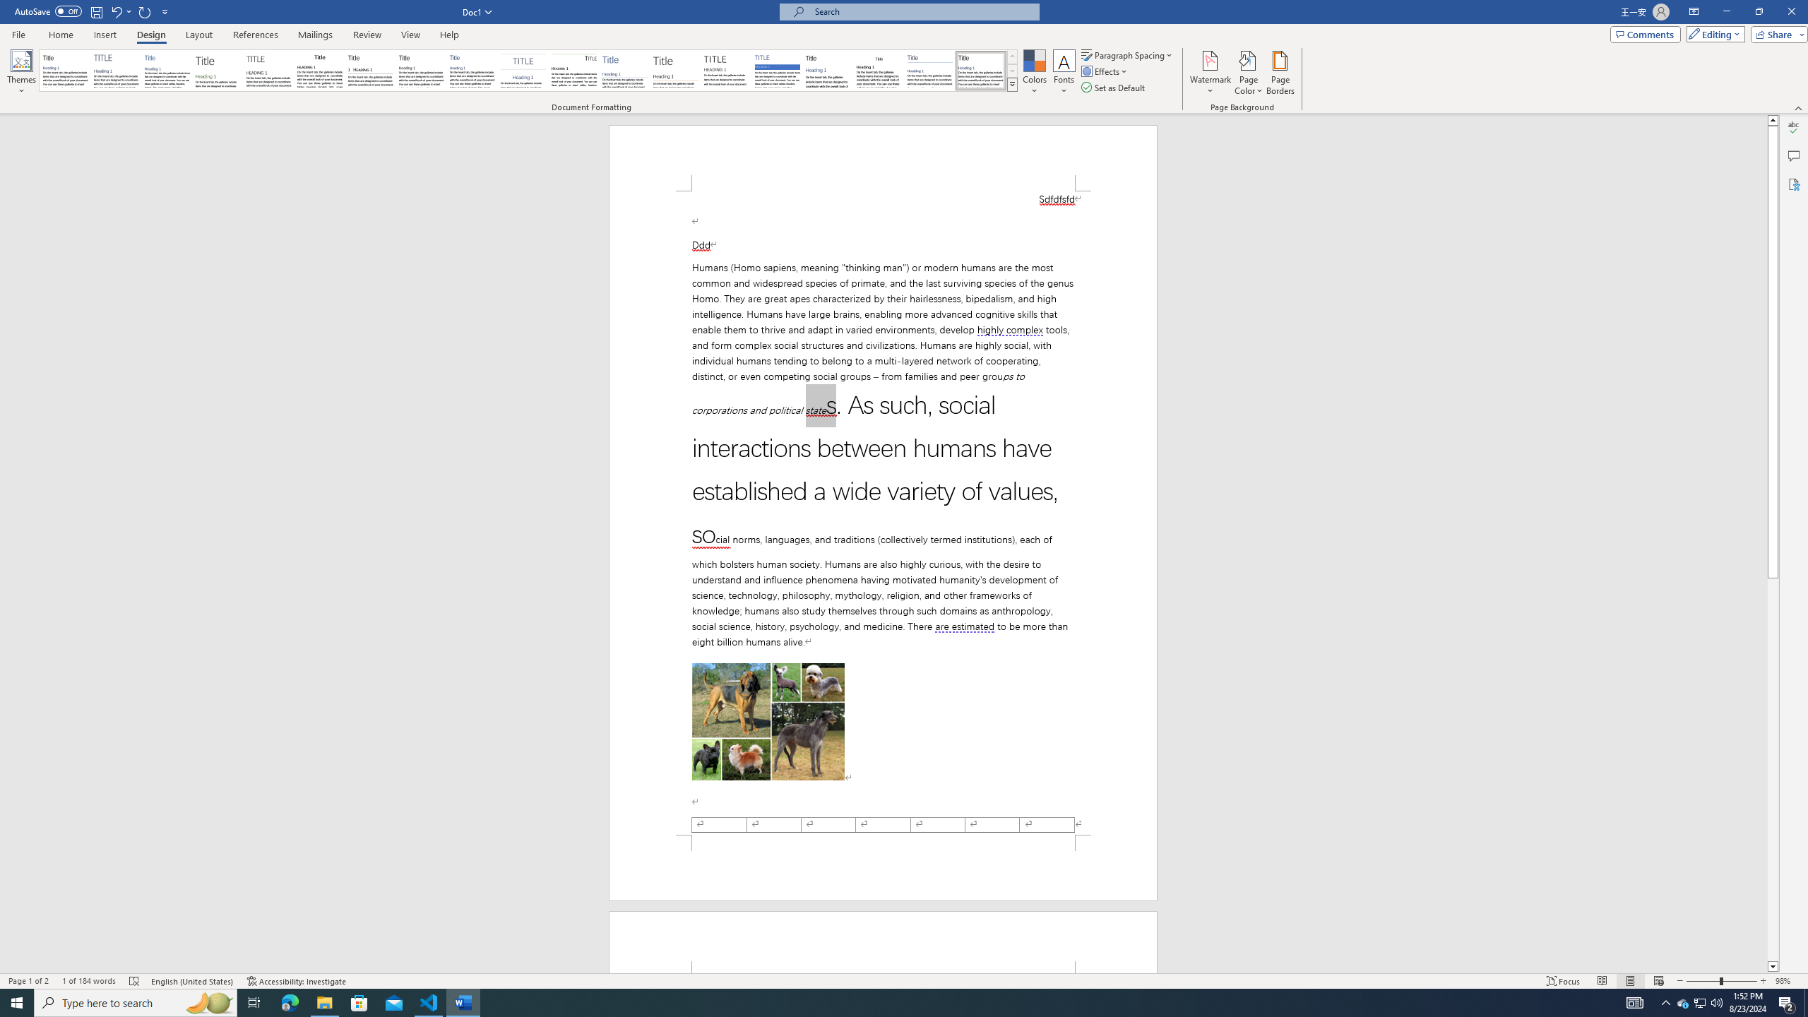  Describe the element at coordinates (1645, 33) in the screenshot. I see `'Comments'` at that location.